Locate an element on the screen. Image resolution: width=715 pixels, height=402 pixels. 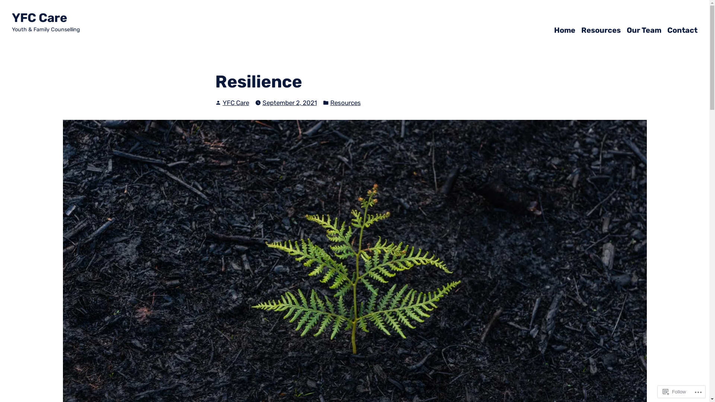
'Home' is located at coordinates (554, 29).